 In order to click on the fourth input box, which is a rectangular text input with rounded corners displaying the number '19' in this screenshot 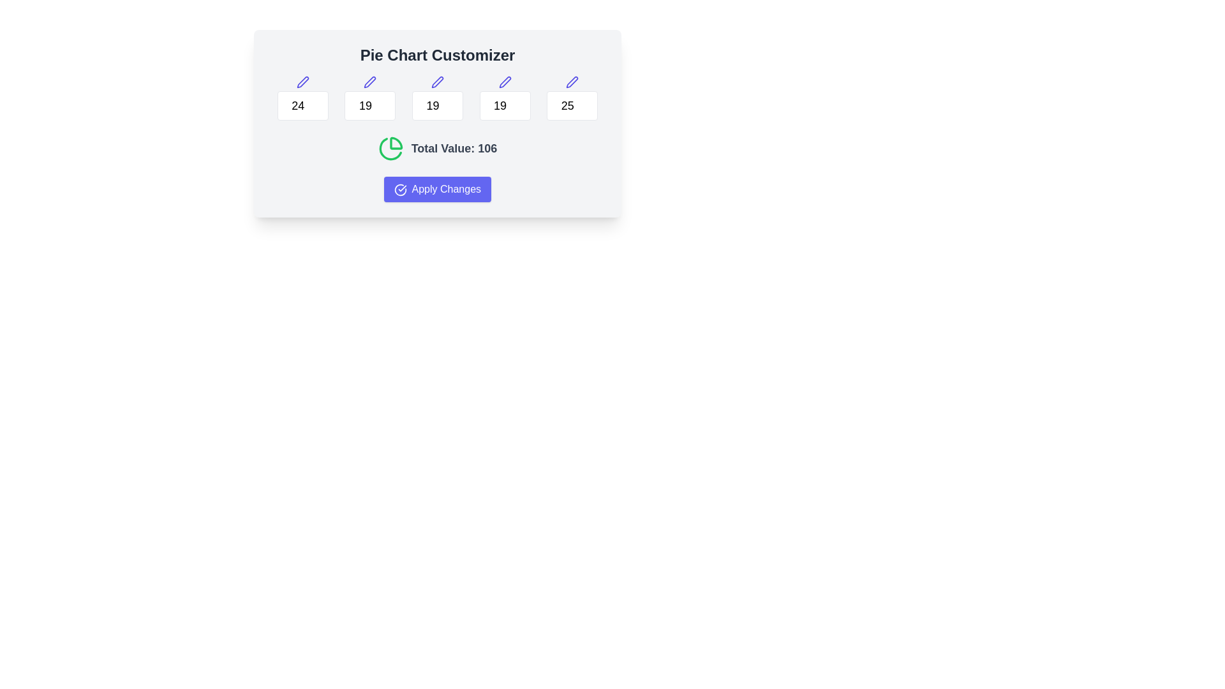, I will do `click(504, 98)`.